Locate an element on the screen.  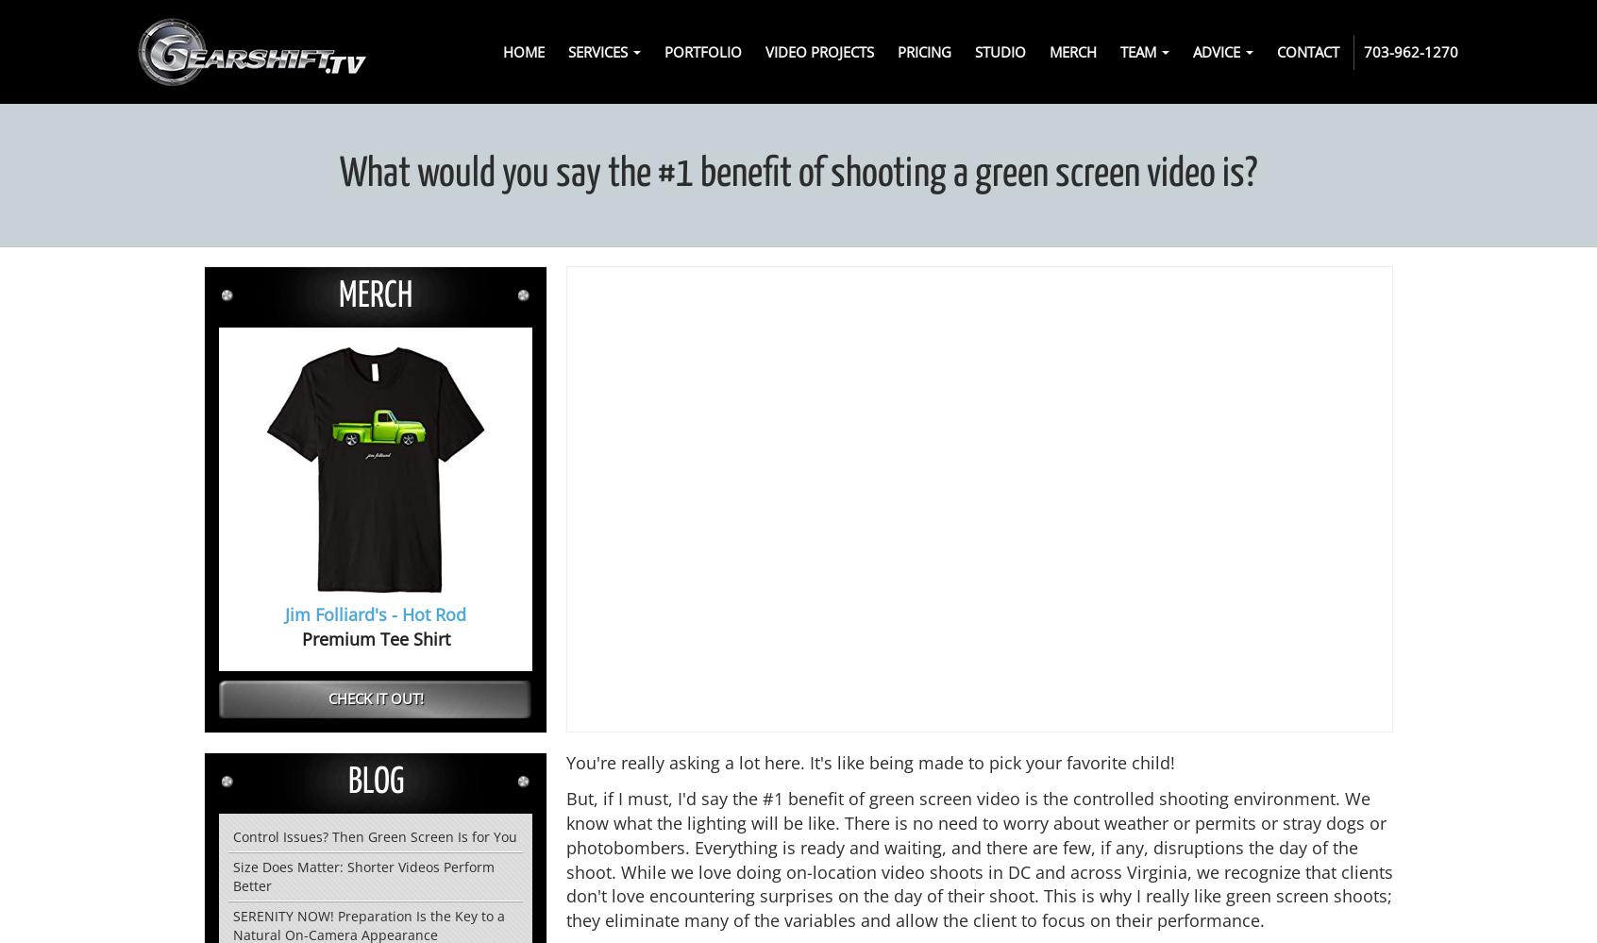
'But, if I must, I'd say the #1 benefit of green screen video is the controlled shooting environment. We know what the lighting will be like. There is no need to worry about weather or permits or stray dogs or photobombers. Everything is ready and waiting, and there are few, if any, disruptions the day of the shoot. While we love doing on-location video shoots in DC and across Virginia, we recognize that clients don't love encountering surprises on the day of their shoot. This is why I really like green screen shoots; they eliminate many of the variables and allow the client to focus on their performance.' is located at coordinates (979, 858).